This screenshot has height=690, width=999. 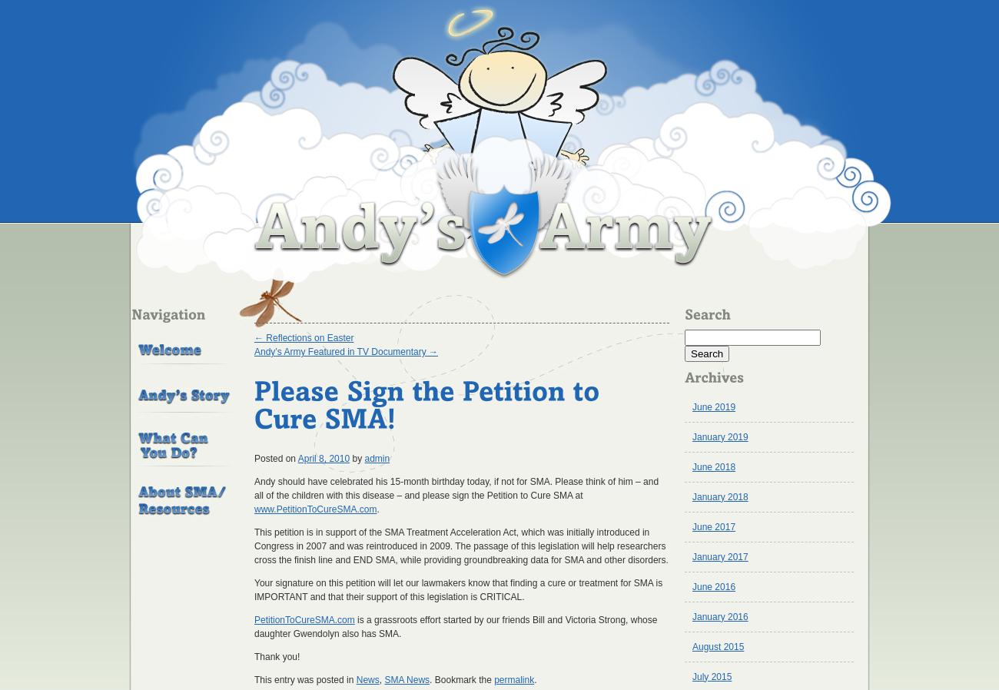 What do you see at coordinates (323, 457) in the screenshot?
I see `'April 8, 2010'` at bounding box center [323, 457].